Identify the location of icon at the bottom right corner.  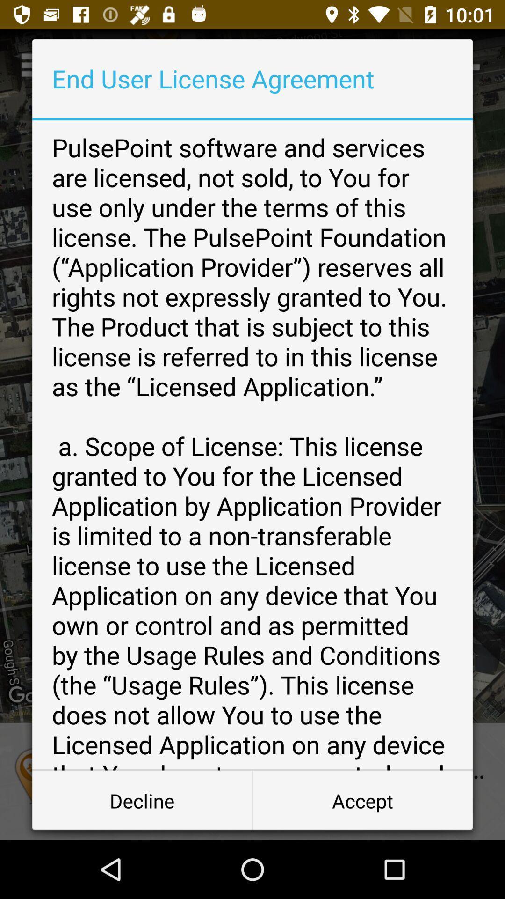
(362, 800).